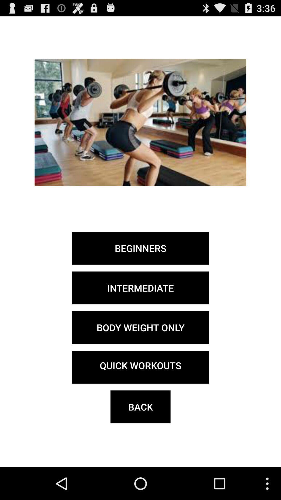 This screenshot has width=281, height=500. Describe the element at coordinates (140, 327) in the screenshot. I see `body weight only item` at that location.